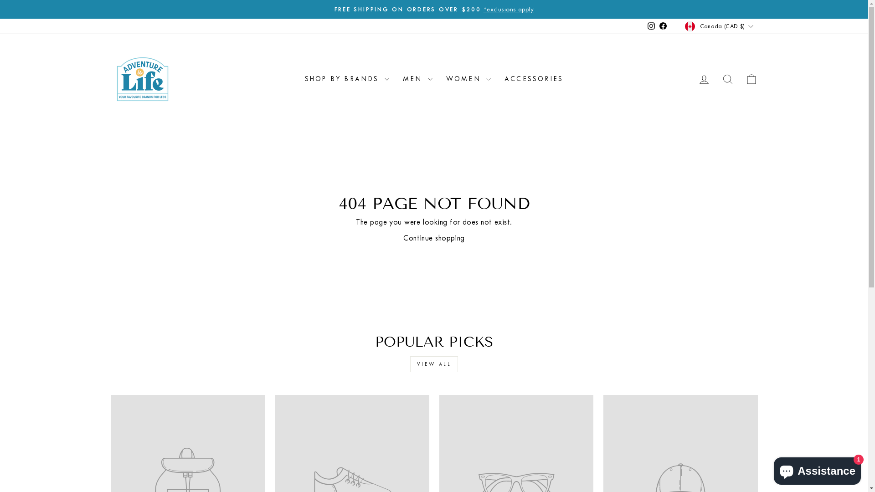  Describe the element at coordinates (434, 364) in the screenshot. I see `'VIEW ALL'` at that location.